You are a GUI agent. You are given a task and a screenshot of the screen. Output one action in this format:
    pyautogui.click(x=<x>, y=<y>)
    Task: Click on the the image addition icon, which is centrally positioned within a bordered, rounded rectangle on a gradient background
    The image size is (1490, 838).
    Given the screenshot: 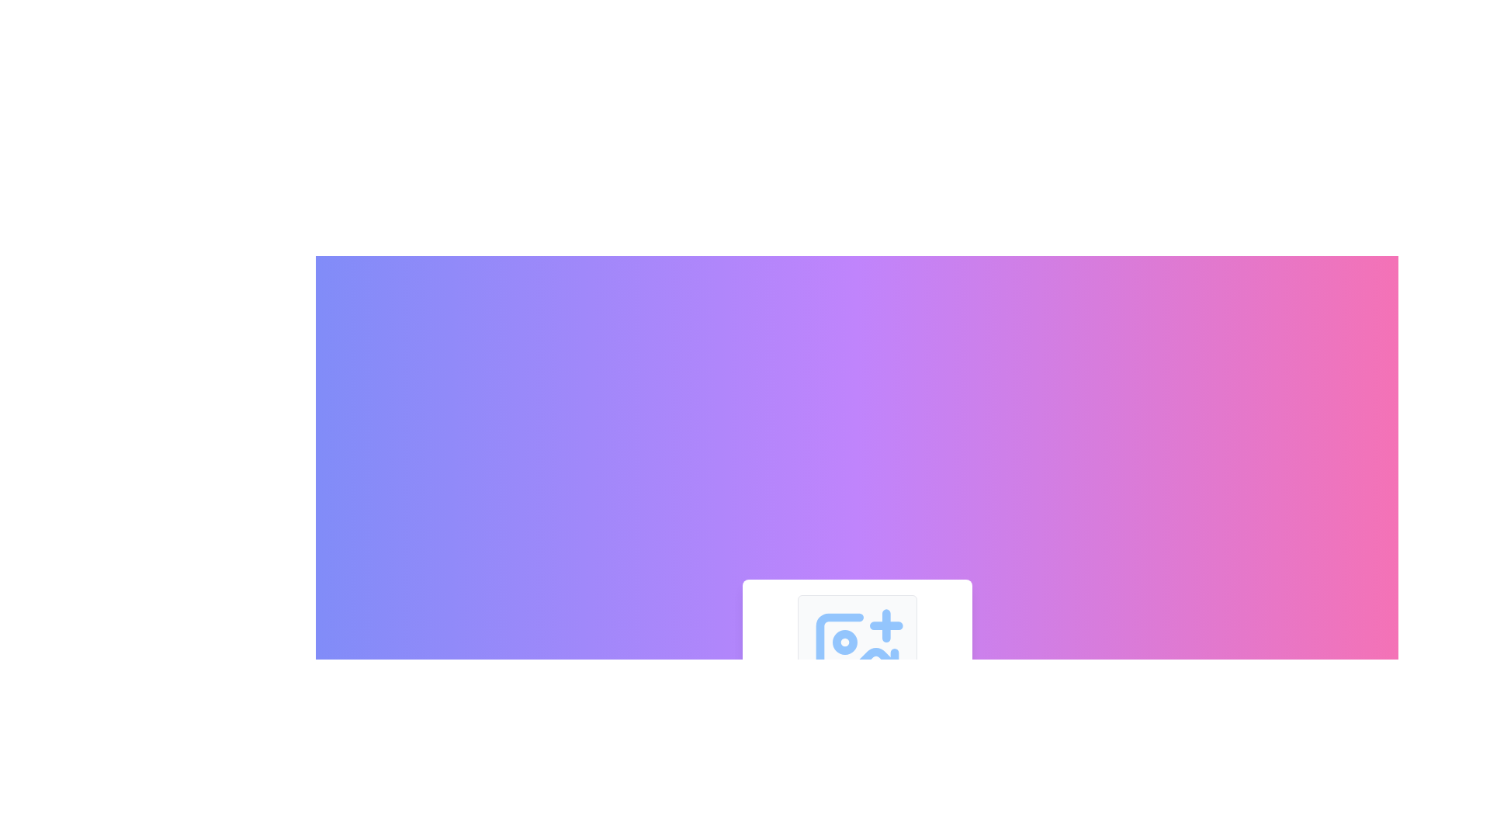 What is the action you would take?
    pyautogui.click(x=856, y=655)
    